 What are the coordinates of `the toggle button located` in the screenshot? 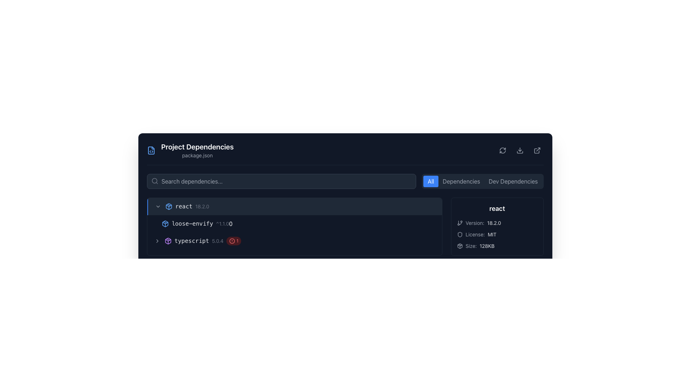 It's located at (157, 206).